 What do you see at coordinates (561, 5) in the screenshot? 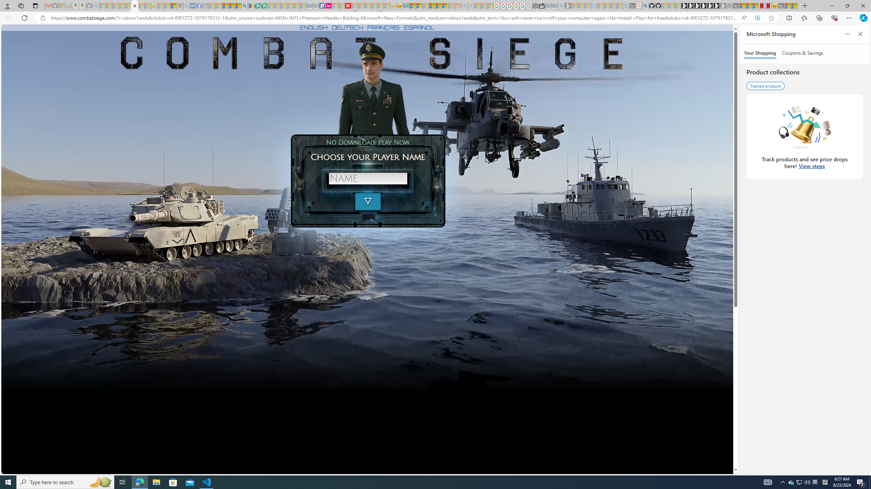
I see `'Bing Real Estate - Home sales and rental listings - Sleeping'` at bounding box center [561, 5].